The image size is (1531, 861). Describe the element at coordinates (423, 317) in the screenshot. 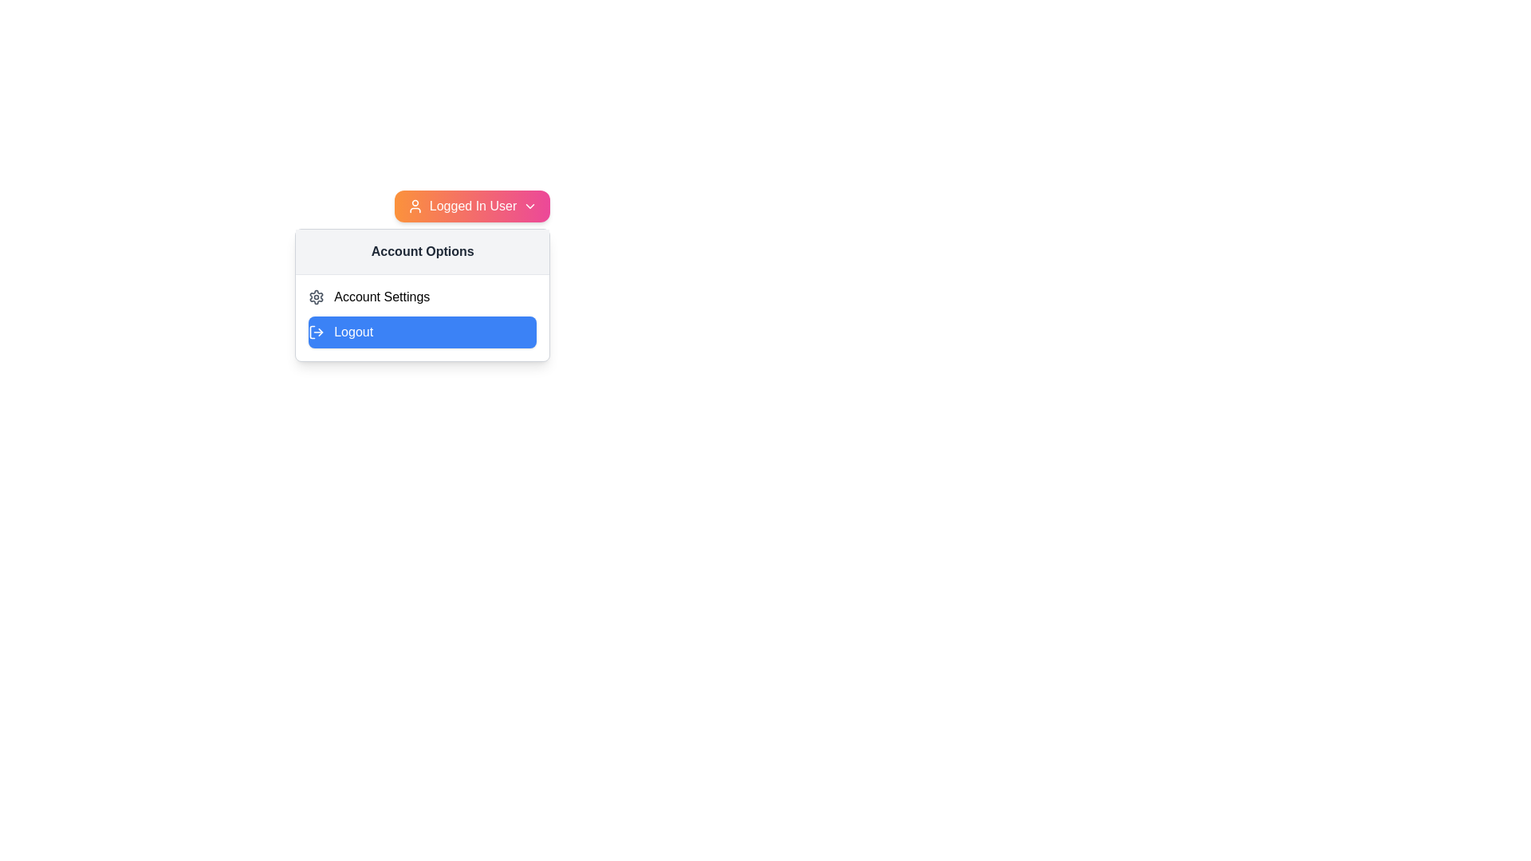

I see `the 'Logout' button in the account management options section located below the 'Account Options' header` at that location.